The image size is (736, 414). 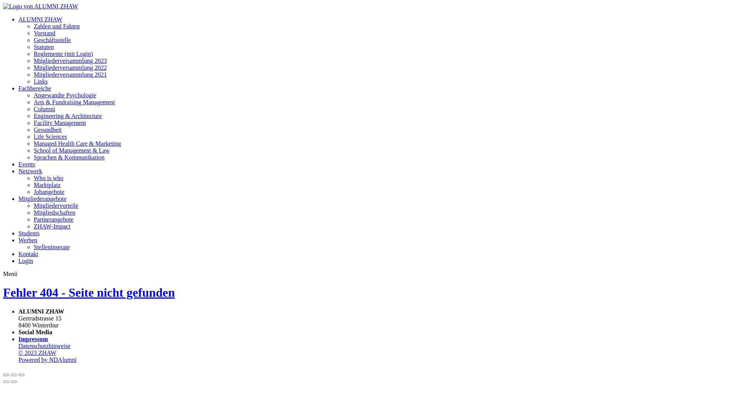 What do you see at coordinates (3, 381) in the screenshot?
I see `'Vorheriges Bild'` at bounding box center [3, 381].